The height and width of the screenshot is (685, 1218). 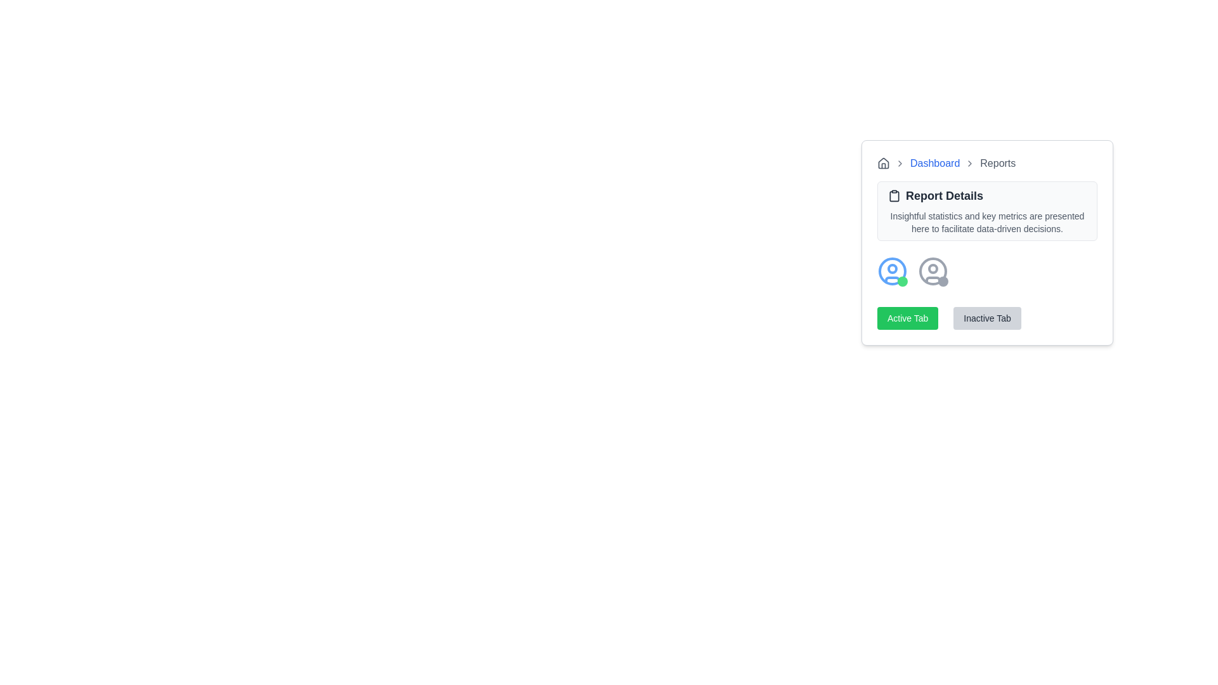 I want to click on the 'Home' icon located near the top left corner of the user interface, which allows users, so click(x=882, y=162).